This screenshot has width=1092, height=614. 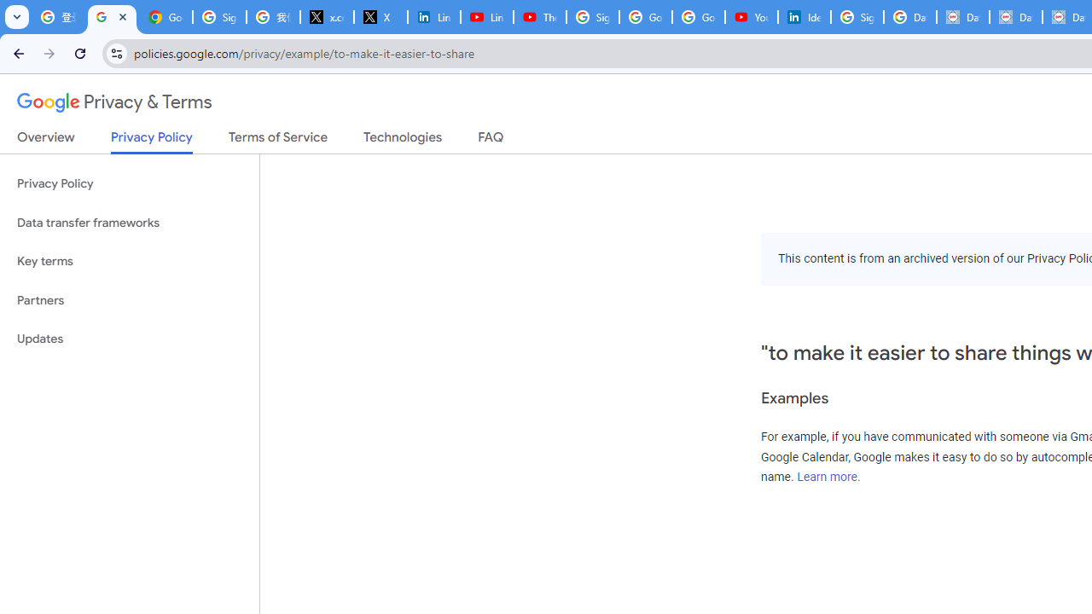 What do you see at coordinates (828, 477) in the screenshot?
I see `'Learn more.'` at bounding box center [828, 477].